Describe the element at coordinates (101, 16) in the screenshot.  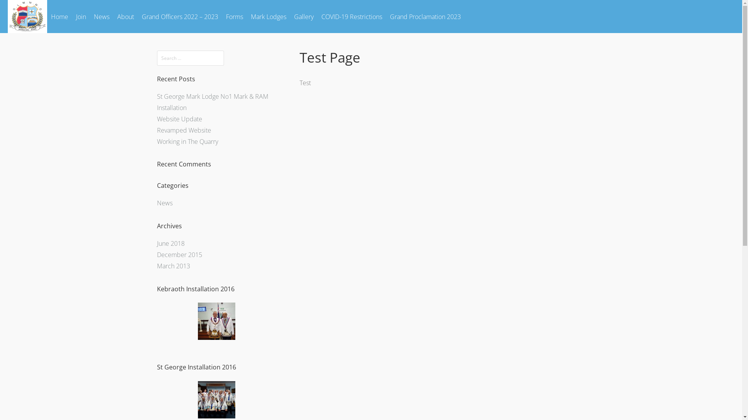
I see `'News'` at that location.